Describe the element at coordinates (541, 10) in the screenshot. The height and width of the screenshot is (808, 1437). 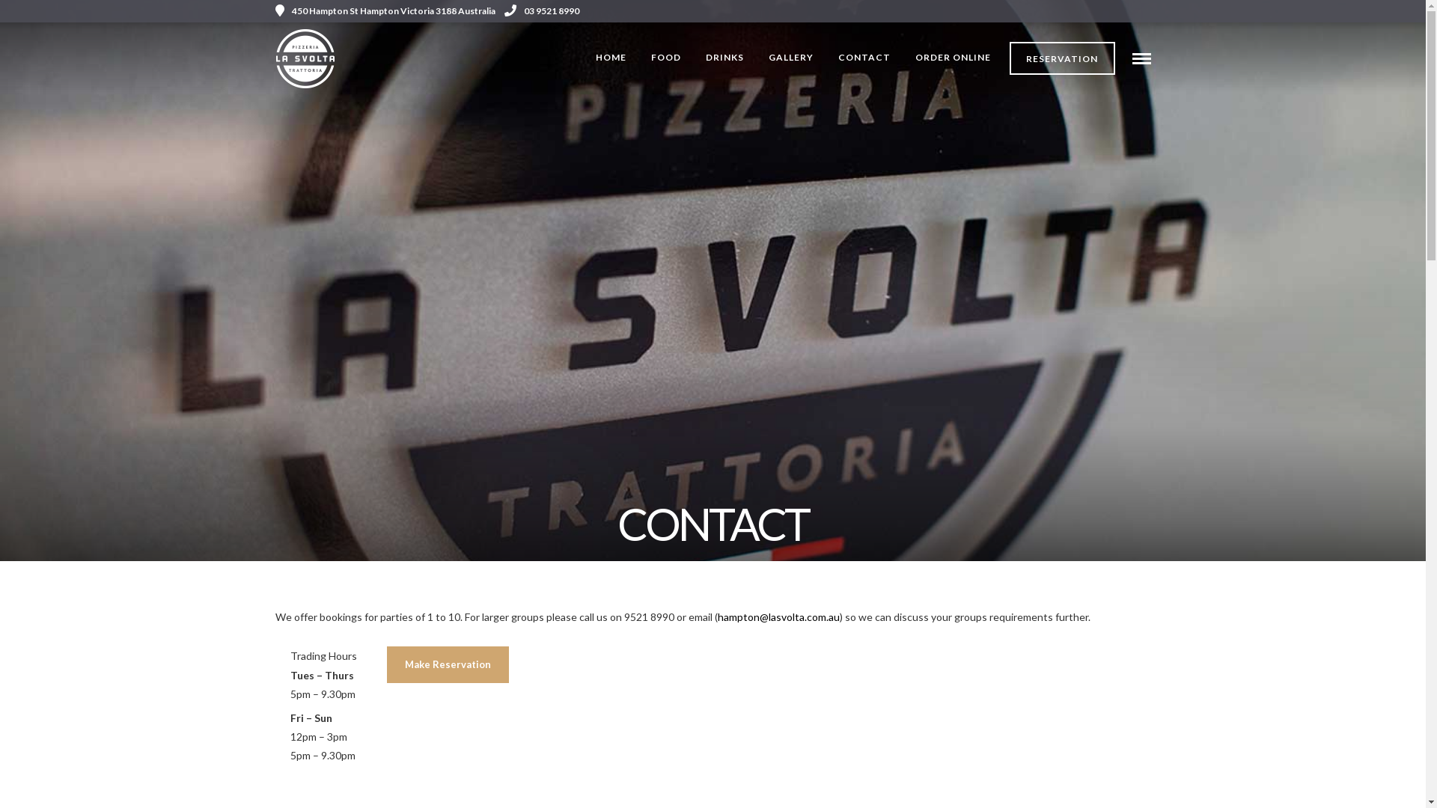
I see `'03 9521 8990'` at that location.